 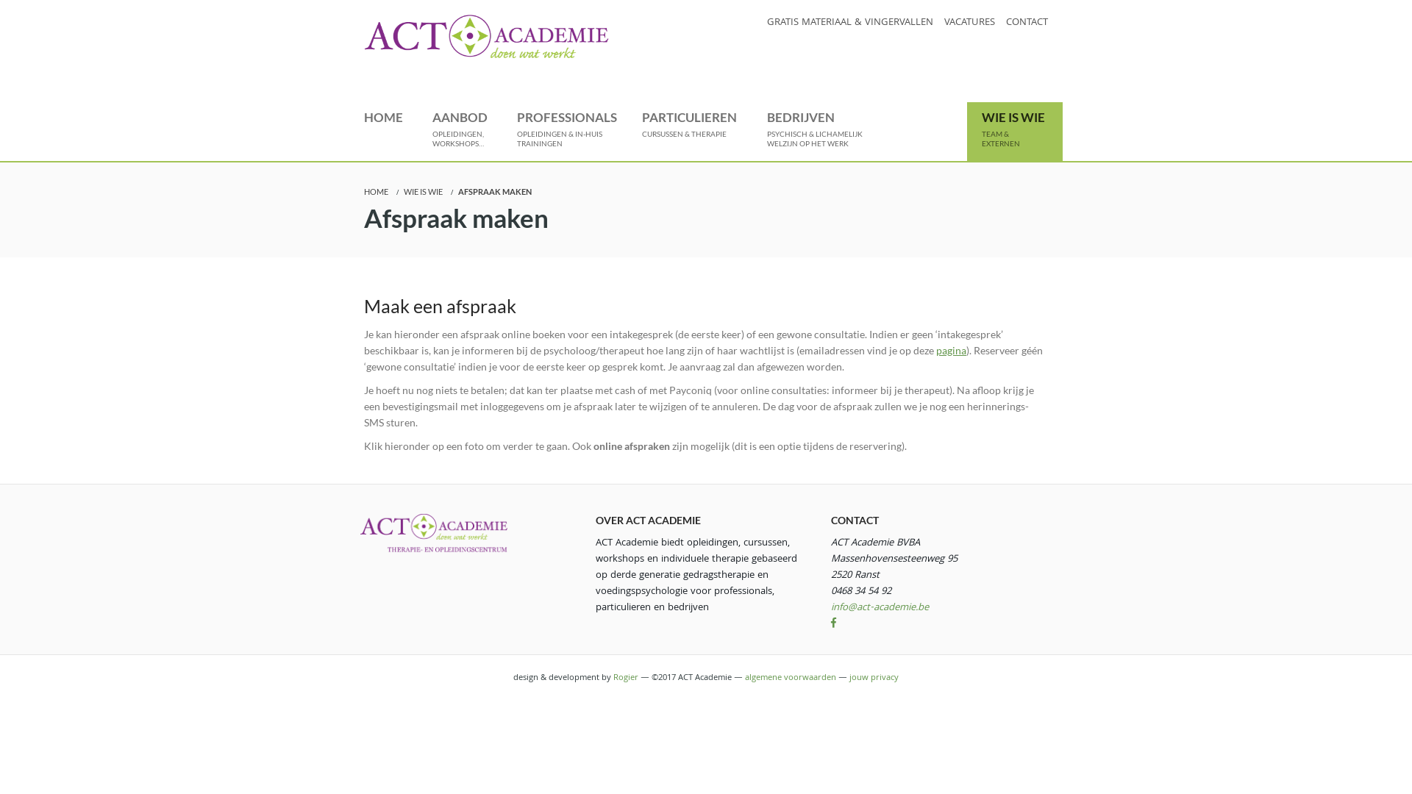 I want to click on 'Rogier', so click(x=625, y=678).